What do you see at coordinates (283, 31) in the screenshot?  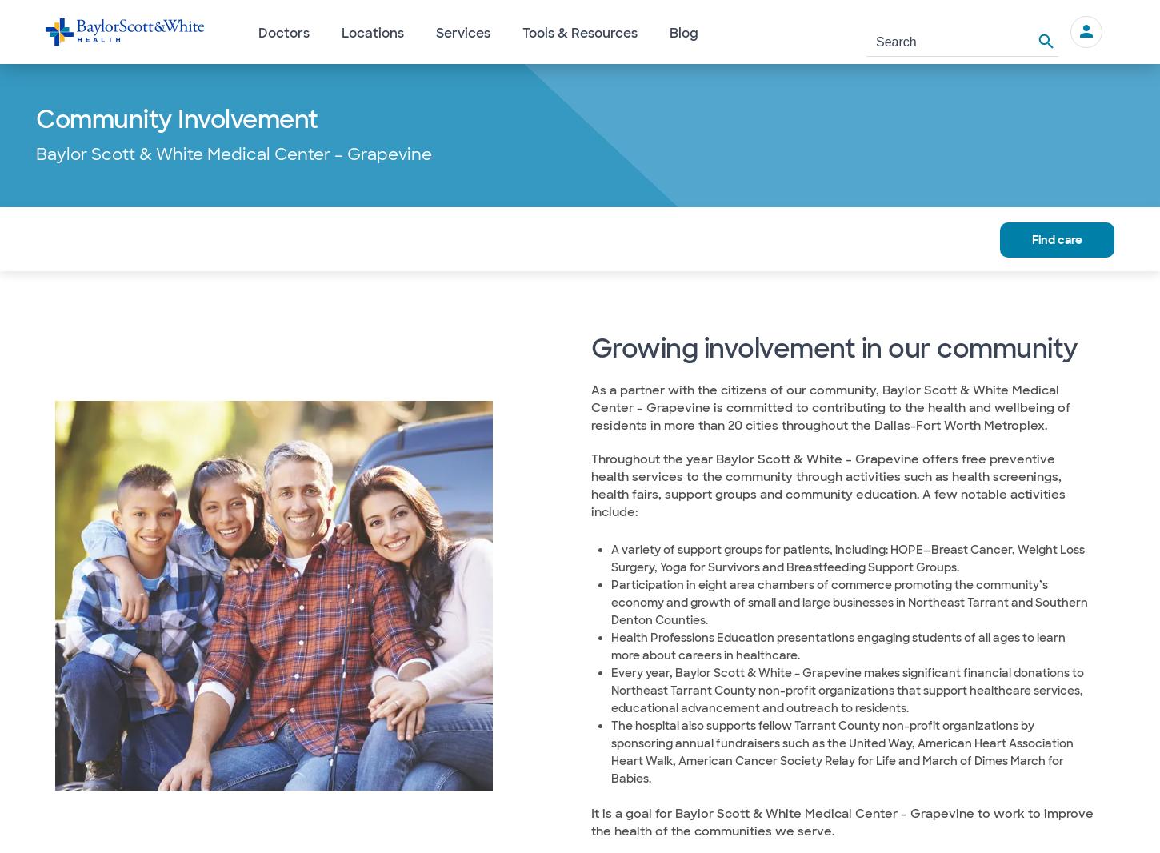 I see `'Doctors'` at bounding box center [283, 31].